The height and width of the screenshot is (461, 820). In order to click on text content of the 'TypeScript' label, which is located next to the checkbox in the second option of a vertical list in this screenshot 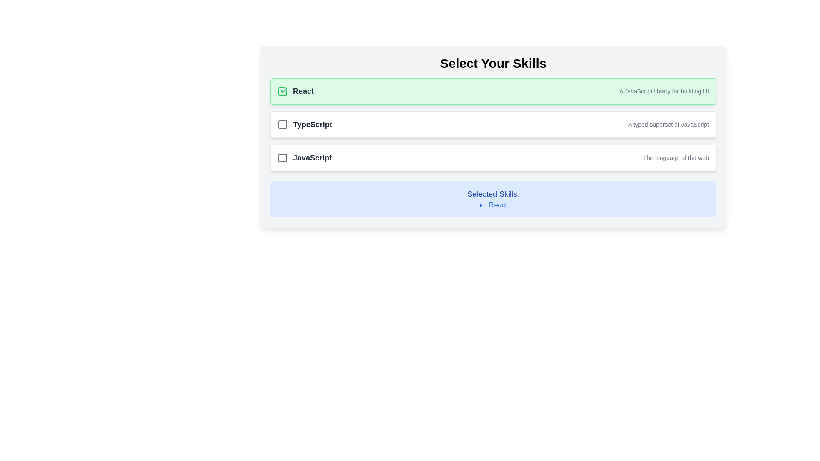, I will do `click(312, 125)`.